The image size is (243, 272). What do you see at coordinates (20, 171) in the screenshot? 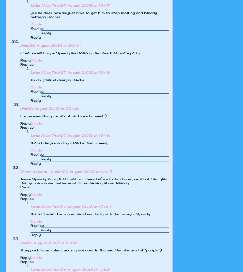
I see `'Texas, a Cat in... Austin'` at bounding box center [20, 171].